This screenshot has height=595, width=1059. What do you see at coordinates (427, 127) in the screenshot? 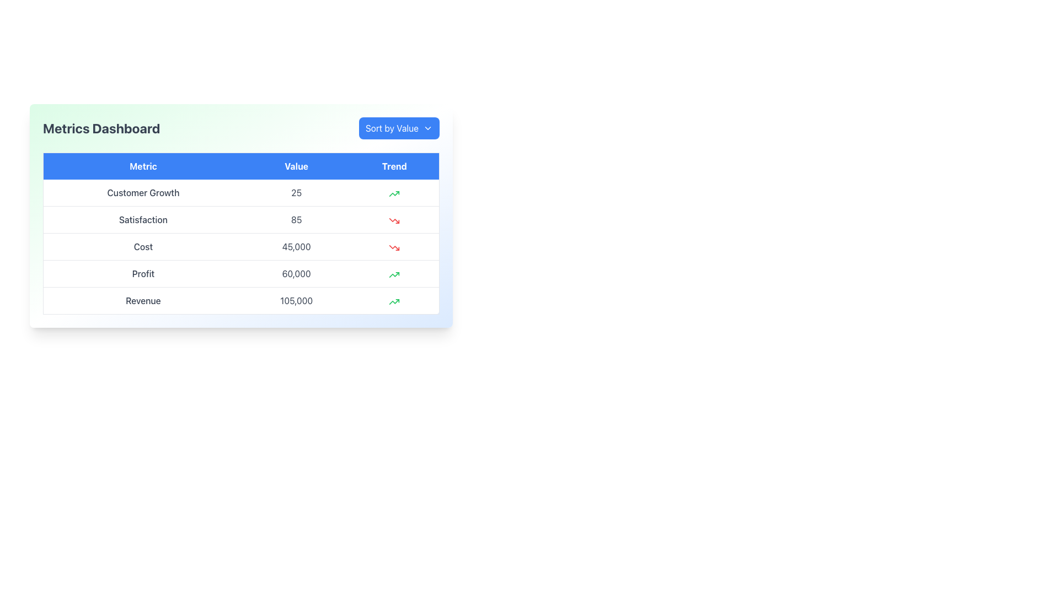
I see `the chevron icon located at the far right of the blue button labeled 'Sort by Value'` at bounding box center [427, 127].